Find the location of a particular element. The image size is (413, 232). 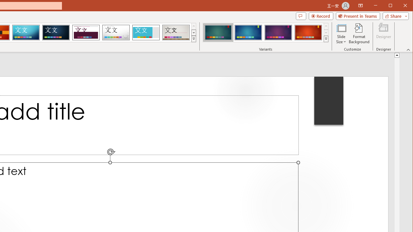

'Format Background' is located at coordinates (359, 34).